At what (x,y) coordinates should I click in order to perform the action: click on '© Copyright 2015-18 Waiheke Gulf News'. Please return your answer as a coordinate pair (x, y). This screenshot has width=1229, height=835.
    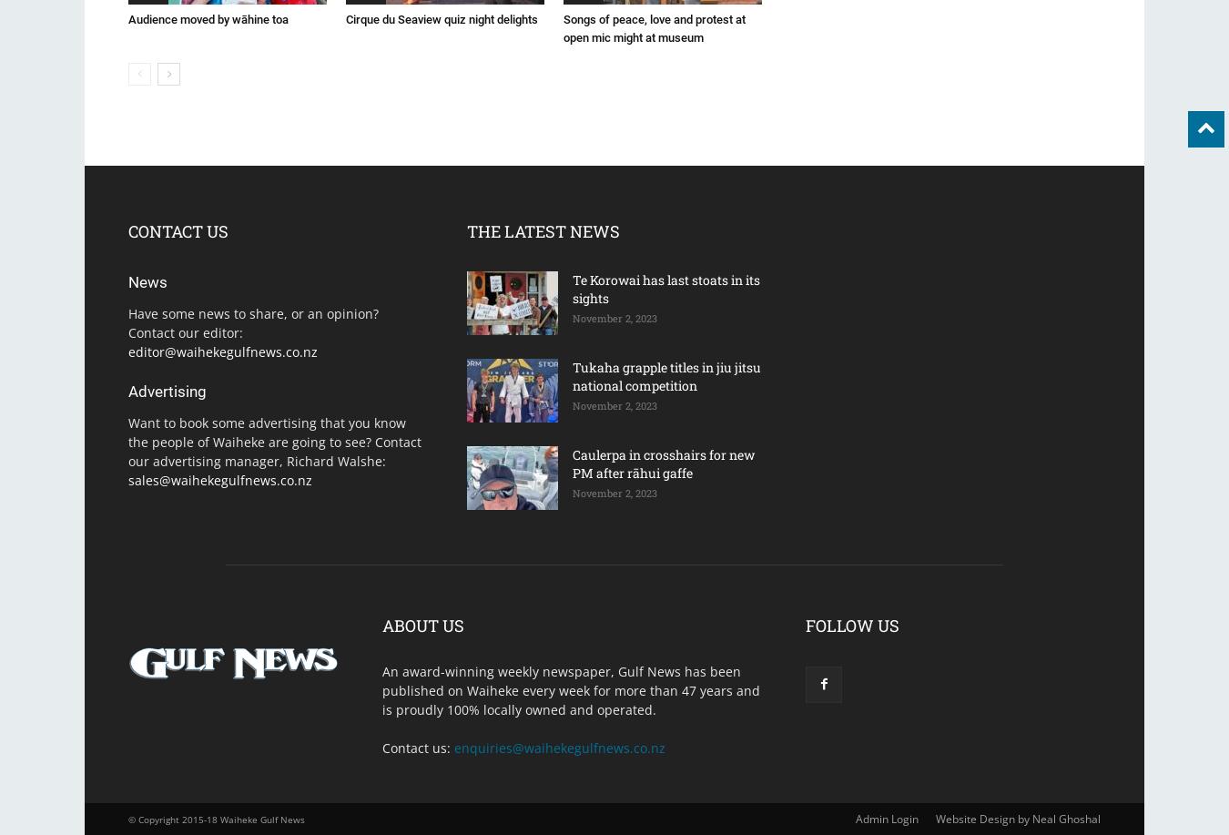
    Looking at the image, I should click on (216, 819).